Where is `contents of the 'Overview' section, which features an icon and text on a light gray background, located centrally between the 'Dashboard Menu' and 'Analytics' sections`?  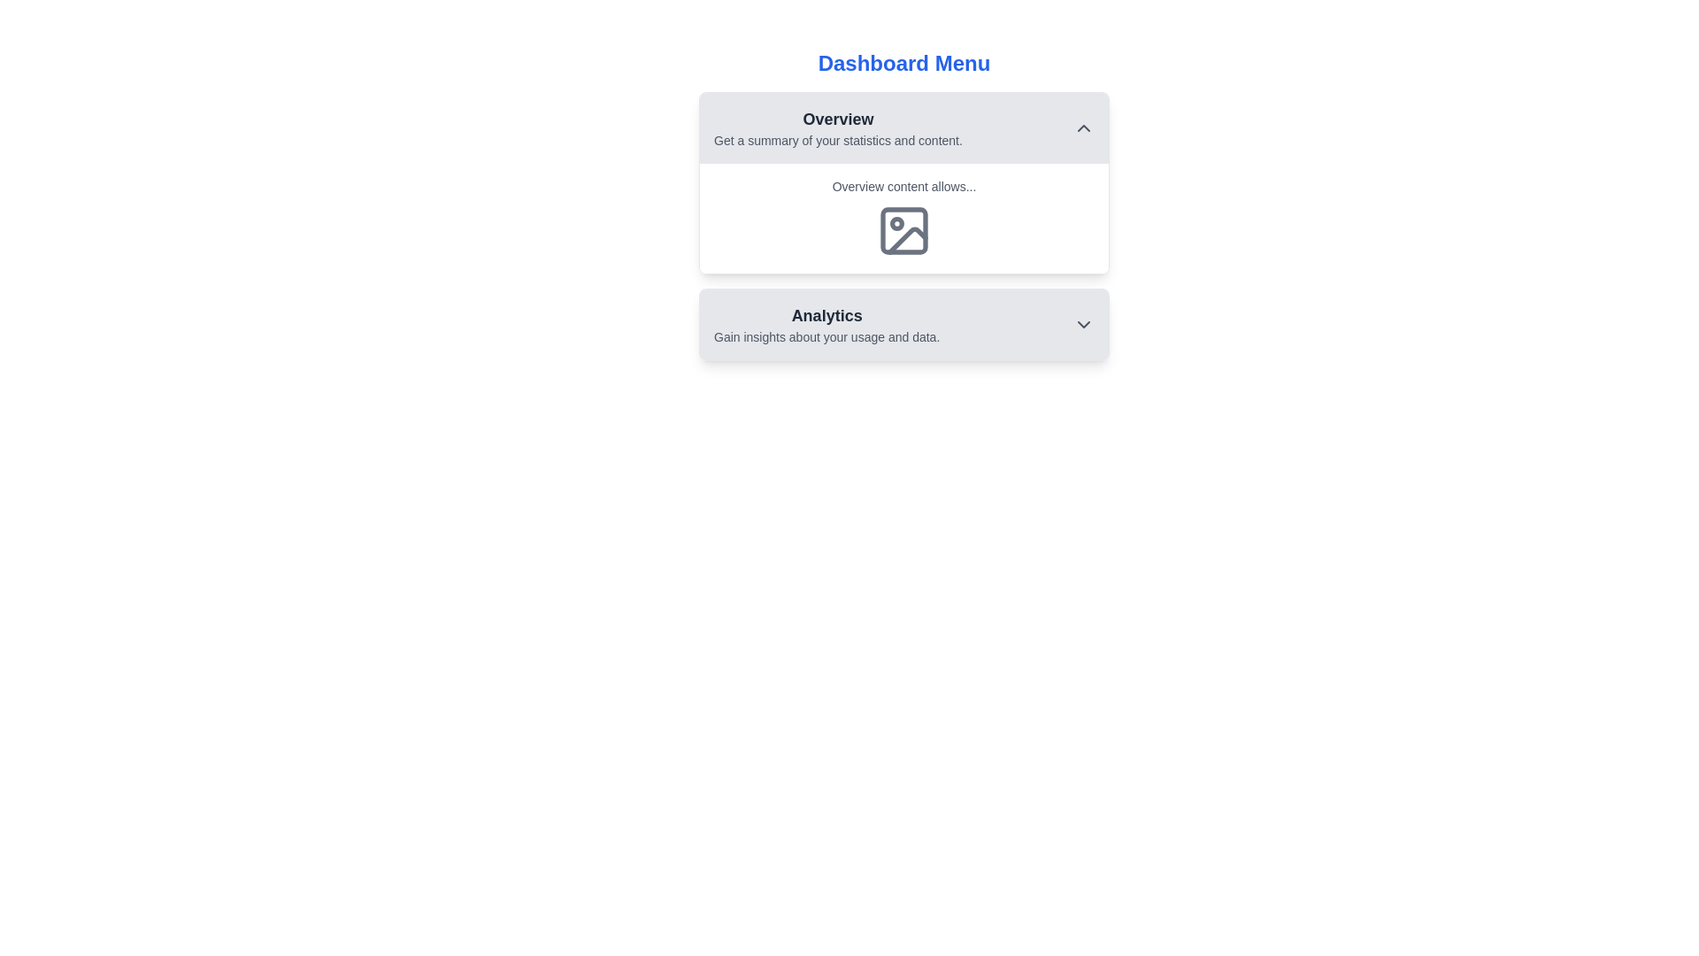 contents of the 'Overview' section, which features an icon and text on a light gray background, located centrally between the 'Dashboard Menu' and 'Analytics' sections is located at coordinates (904, 225).